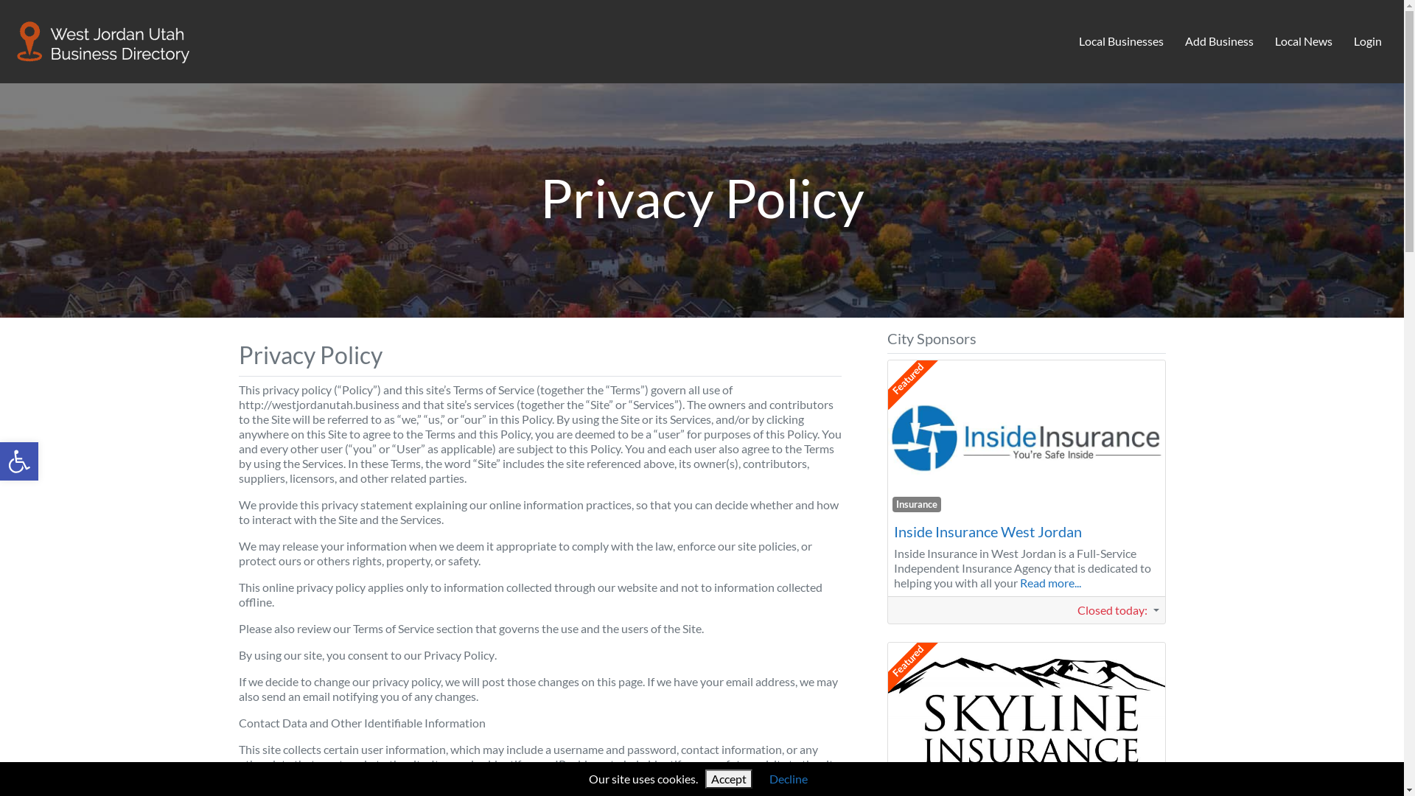  Describe the element at coordinates (102, 38) in the screenshot. I see `'West Jordan Business Directory'` at that location.